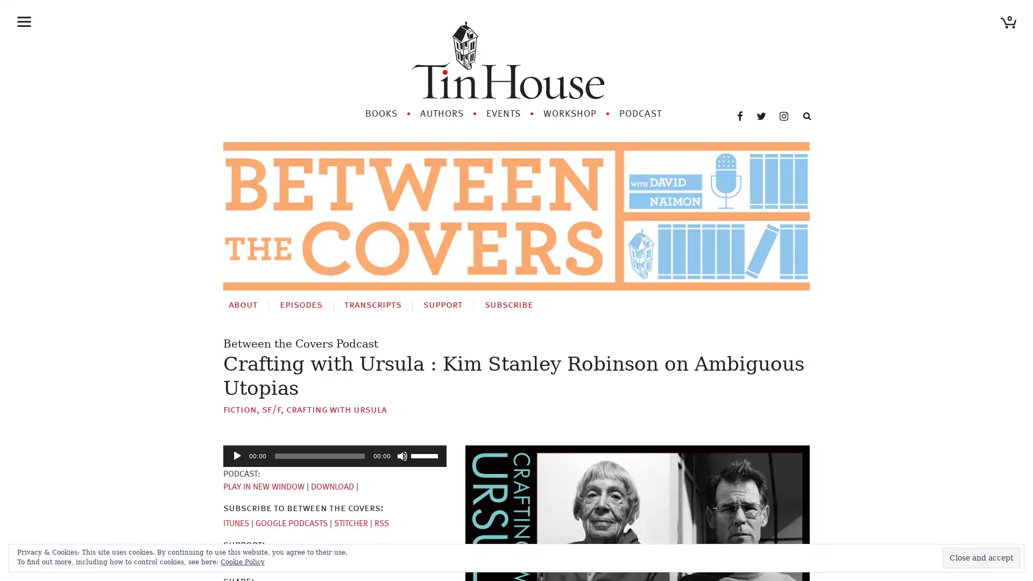 The height and width of the screenshot is (581, 1033). Describe the element at coordinates (237, 456) in the screenshot. I see `Play` at that location.